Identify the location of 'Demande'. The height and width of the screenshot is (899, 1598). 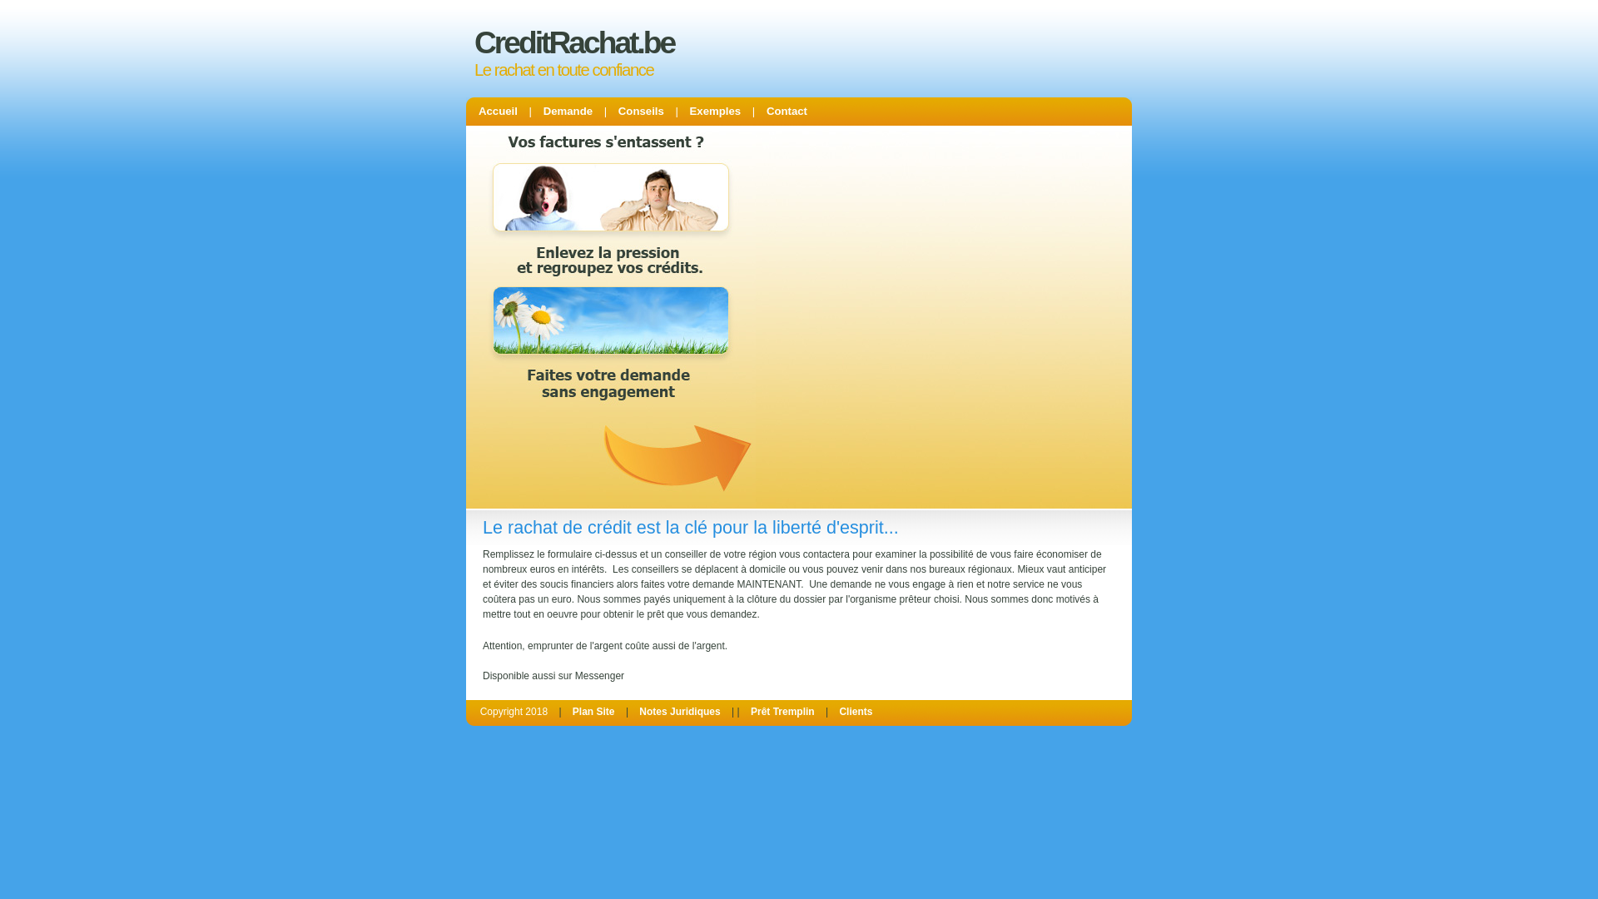
(568, 111).